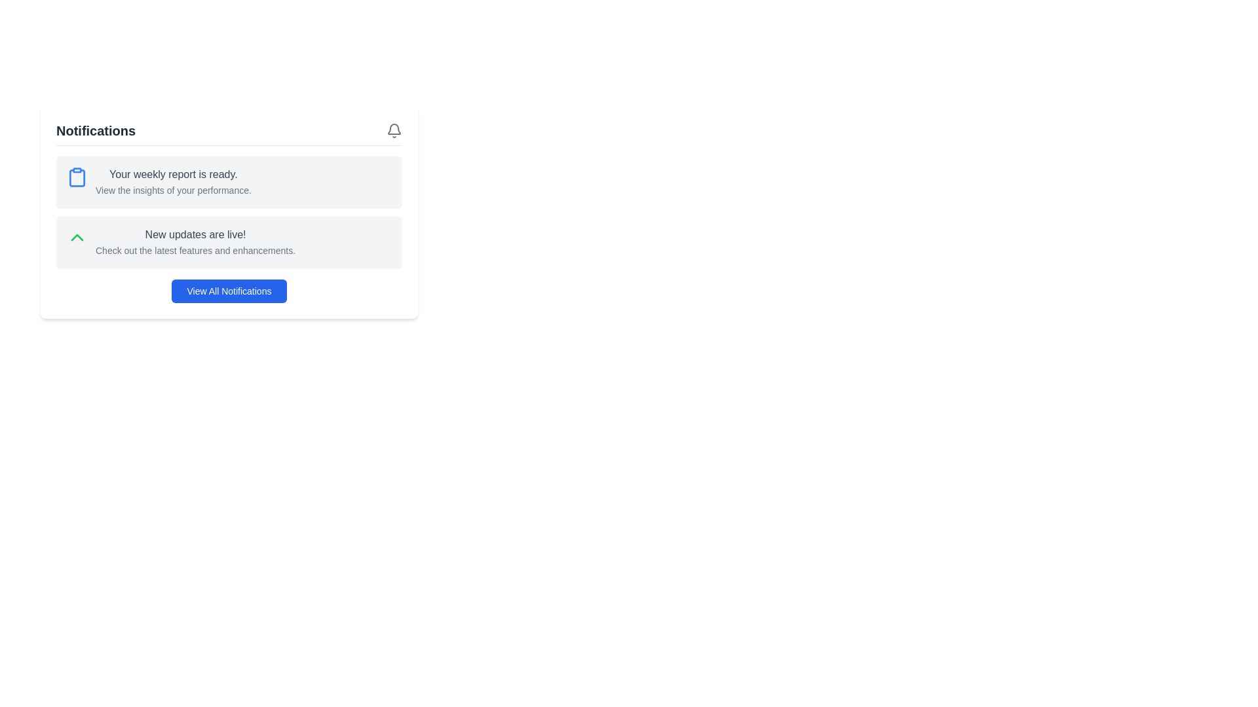 This screenshot has height=707, width=1258. What do you see at coordinates (172, 173) in the screenshot?
I see `the static text element that says 'Your weekly report is ready.' located in the first notification card in the 'Notifications' section` at bounding box center [172, 173].